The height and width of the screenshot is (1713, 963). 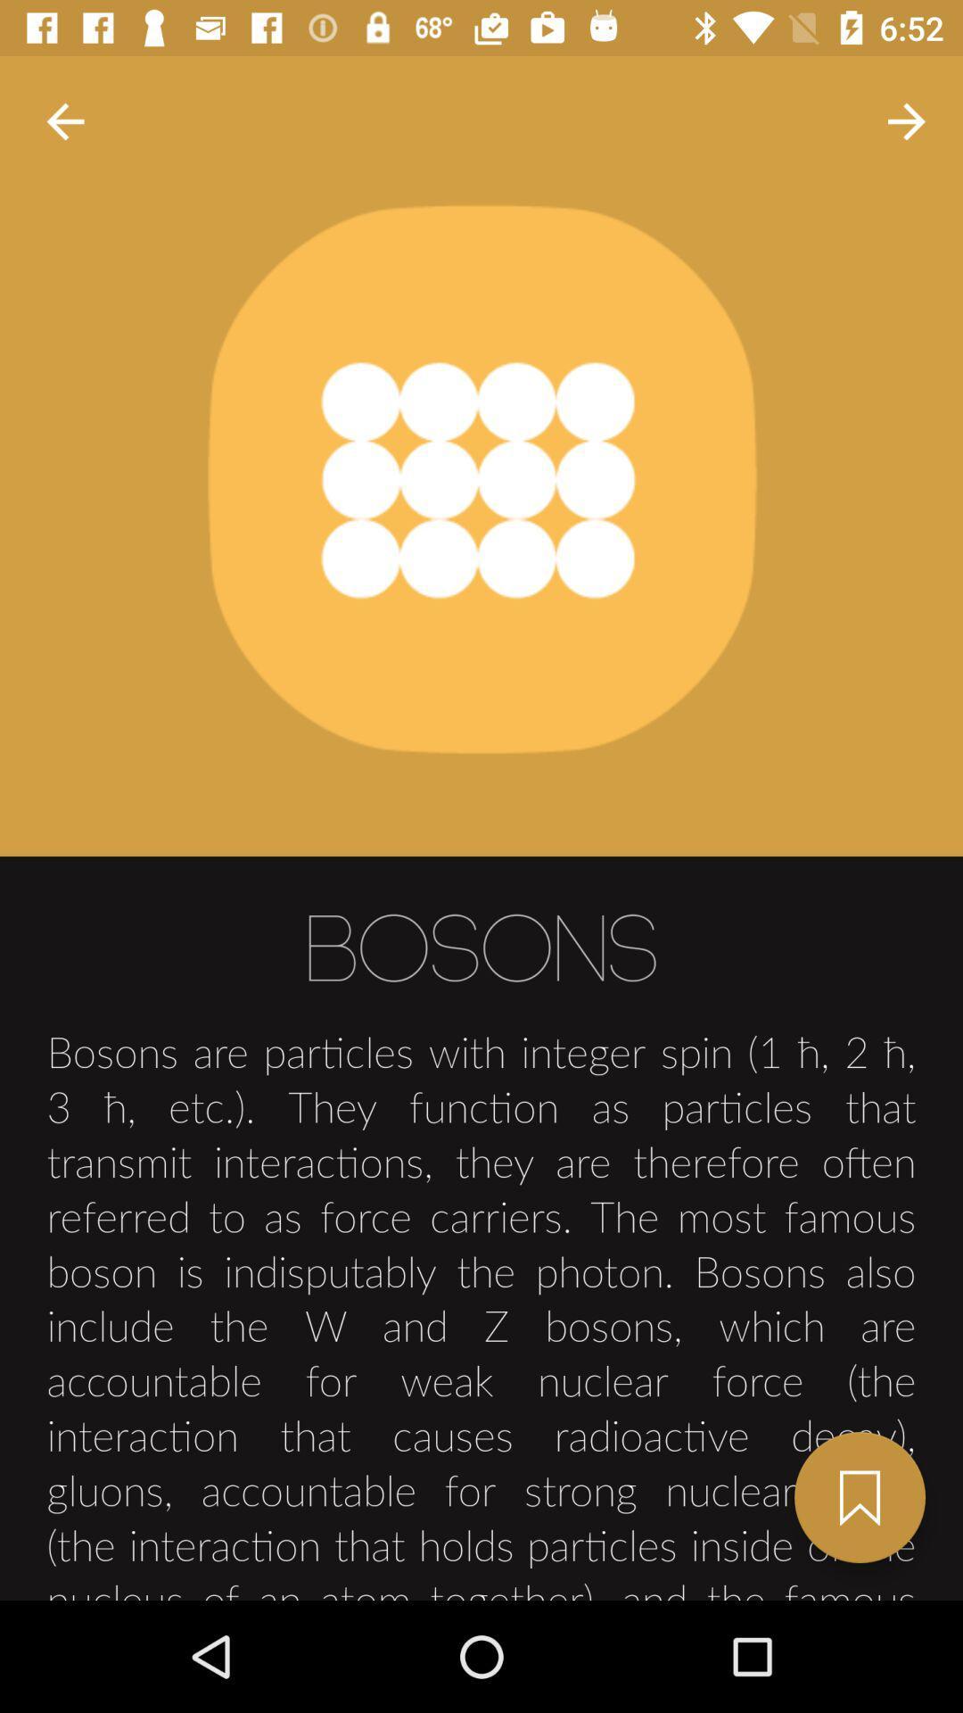 I want to click on bookmark this page, so click(x=859, y=1497).